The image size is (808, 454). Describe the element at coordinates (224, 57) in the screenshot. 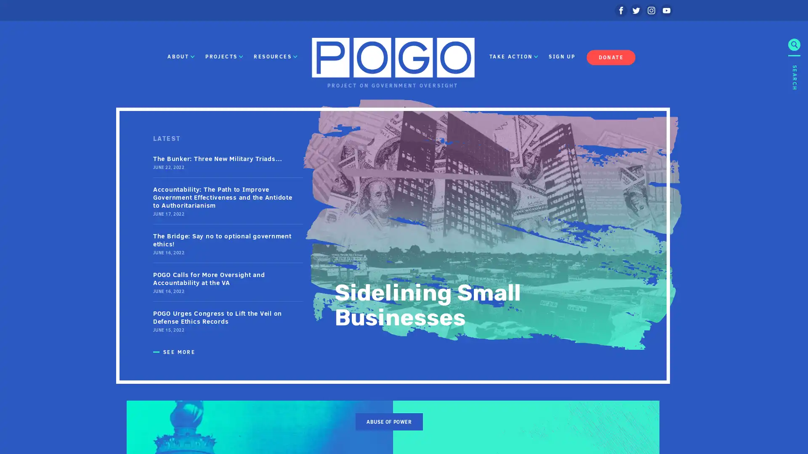

I see `PROJECTS` at that location.